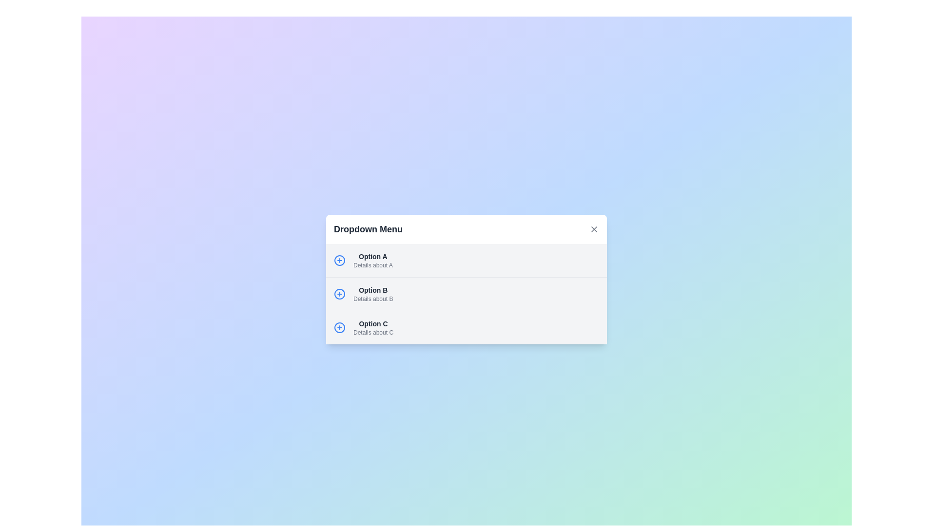  What do you see at coordinates (373, 327) in the screenshot?
I see `the selectable list item labeled 'Option C' in the dropdown menu` at bounding box center [373, 327].